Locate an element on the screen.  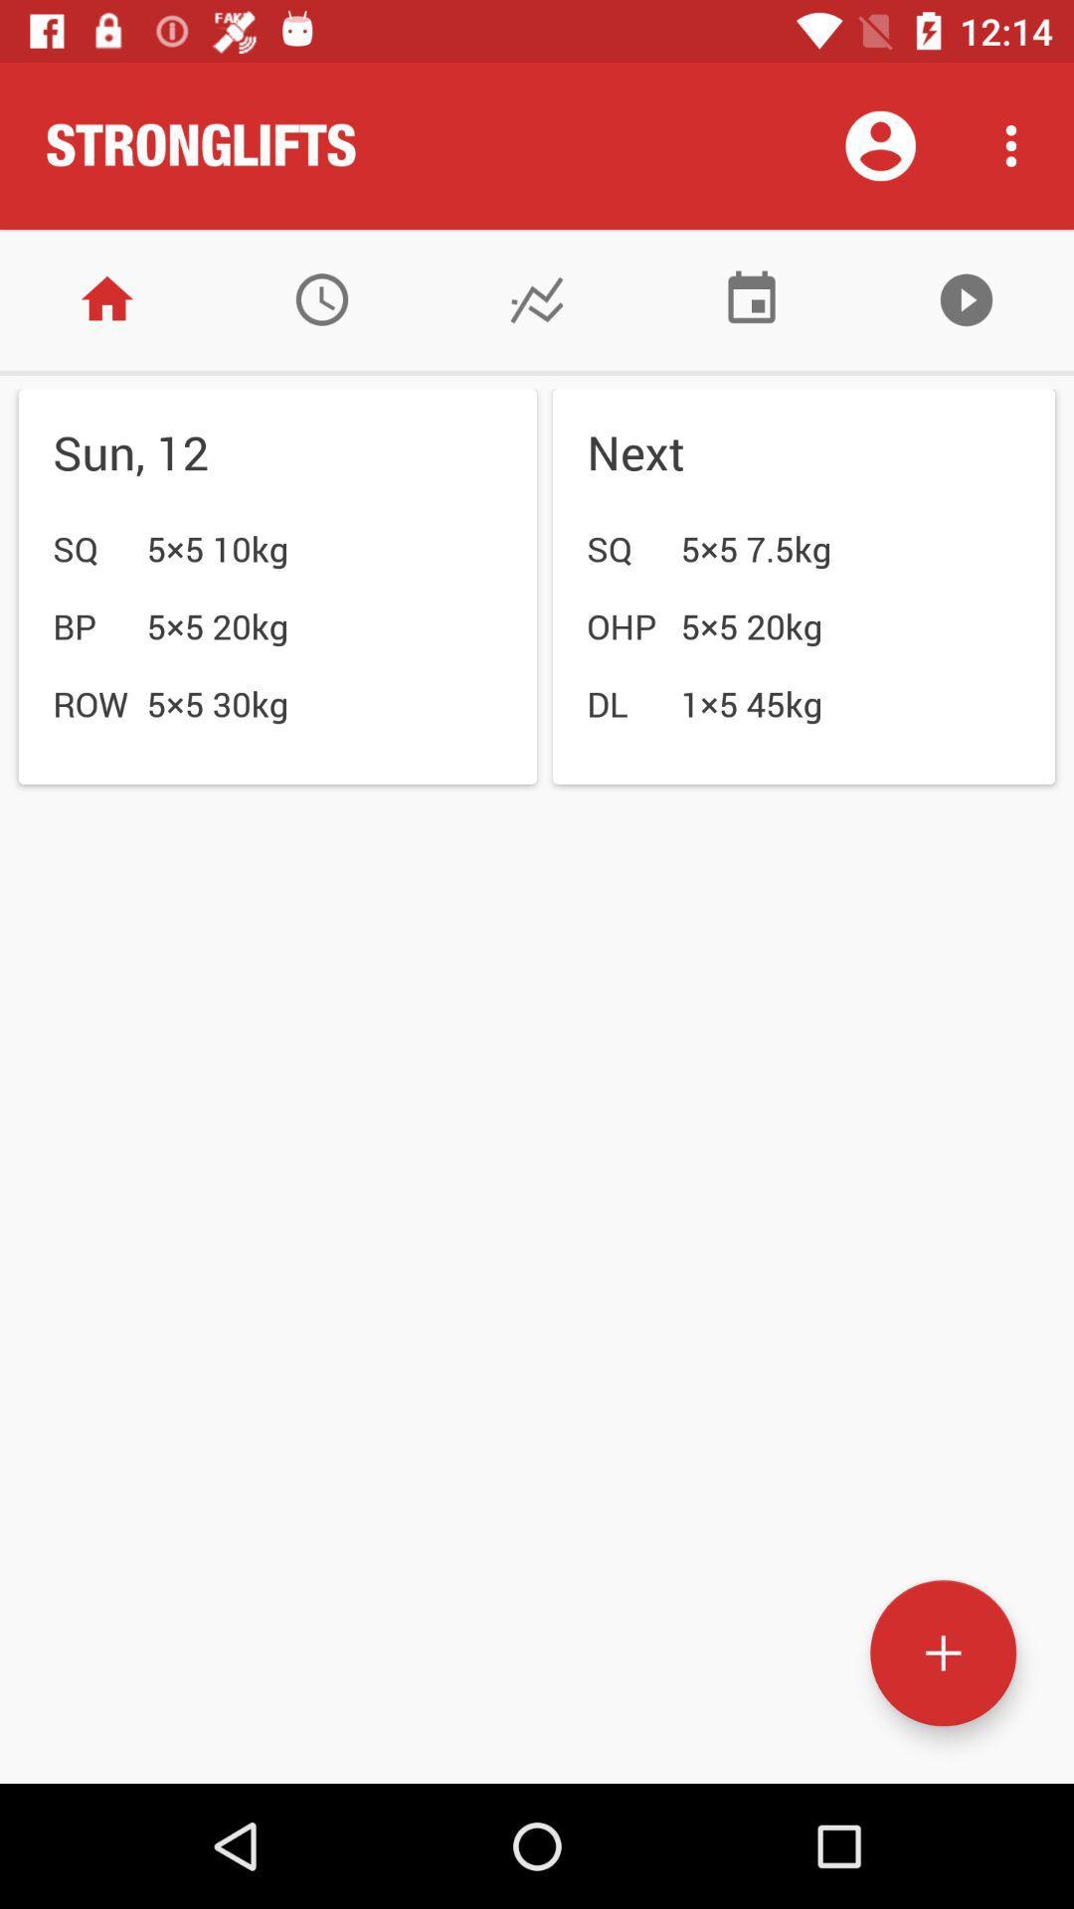
new is located at coordinates (942, 1652).